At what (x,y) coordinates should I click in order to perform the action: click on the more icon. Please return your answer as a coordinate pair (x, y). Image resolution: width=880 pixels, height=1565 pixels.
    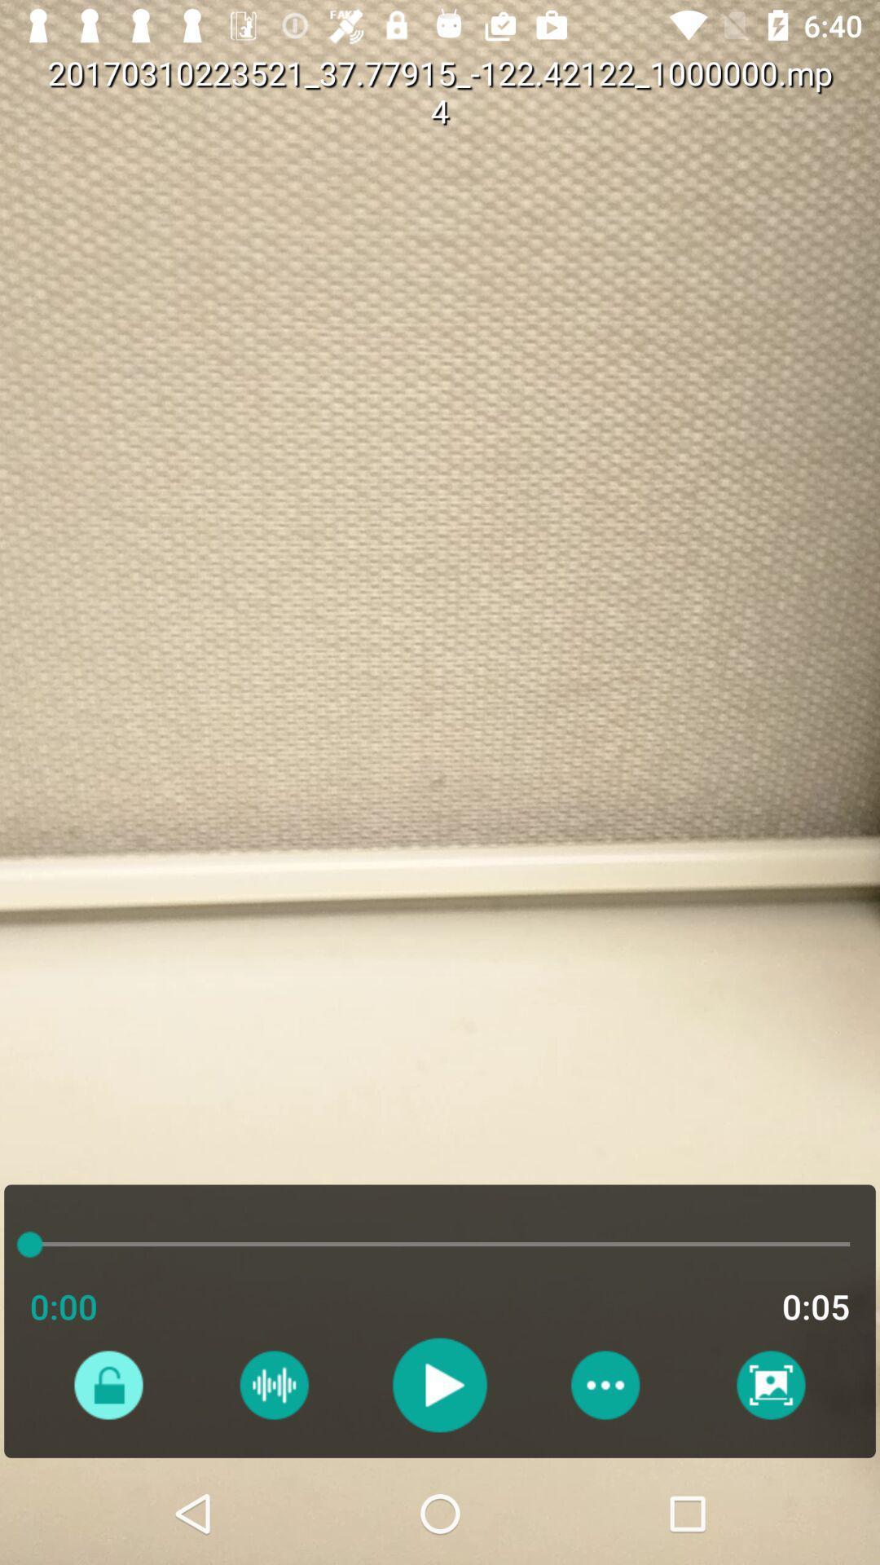
    Looking at the image, I should click on (605, 1384).